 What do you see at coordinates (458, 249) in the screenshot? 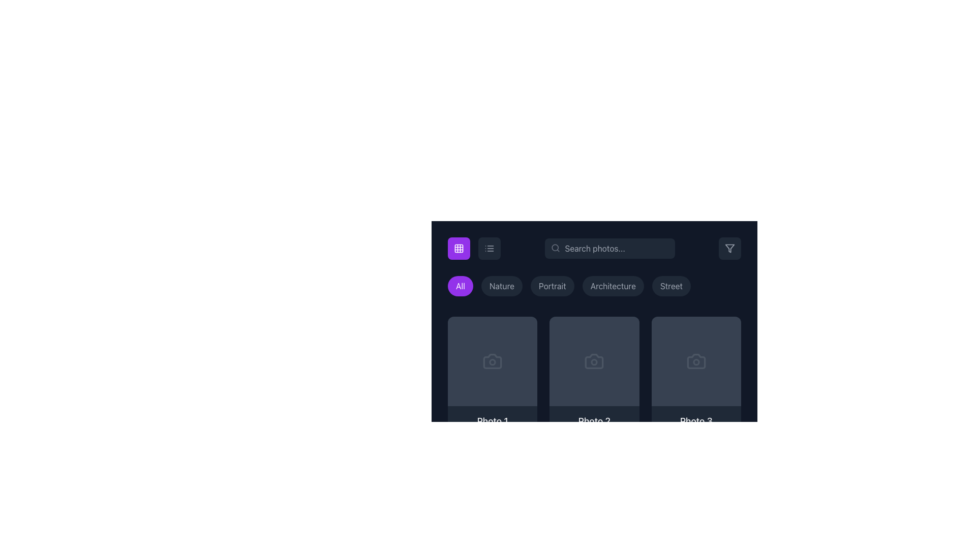
I see `the central square element with rounded corners, styled in purple, located within the highlighted grid icon in the top-left section of the interface` at bounding box center [458, 249].